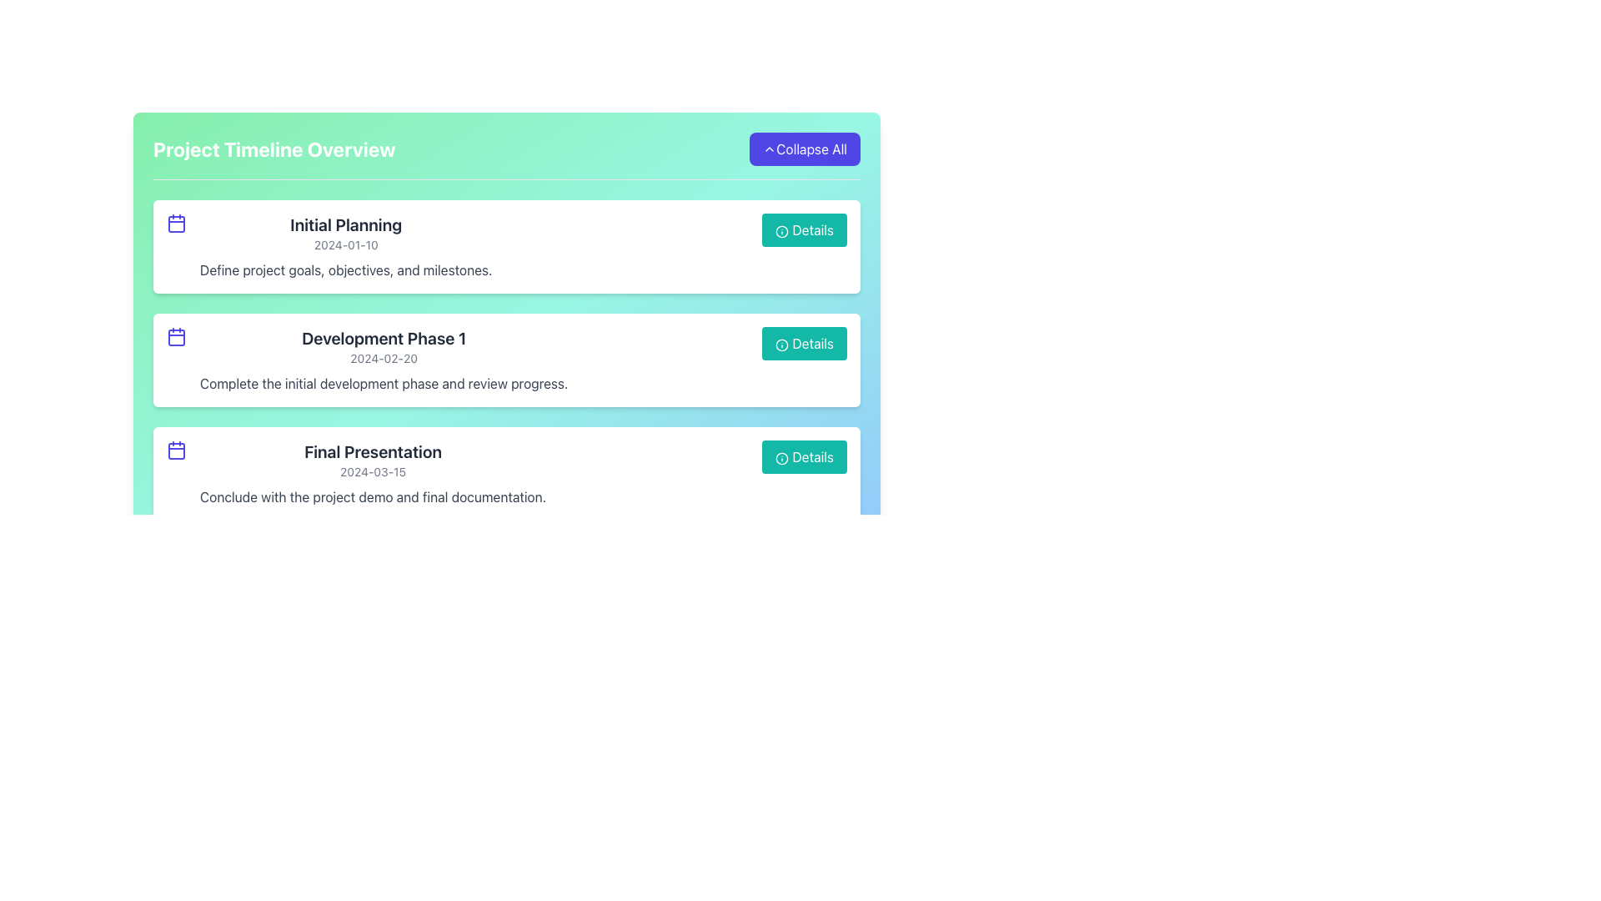 Image resolution: width=1601 pixels, height=901 pixels. Describe the element at coordinates (176, 337) in the screenshot. I see `the calendar icon located to the left of the text description and date within the 'Development Phase 1' entry in the timeline interface` at that location.